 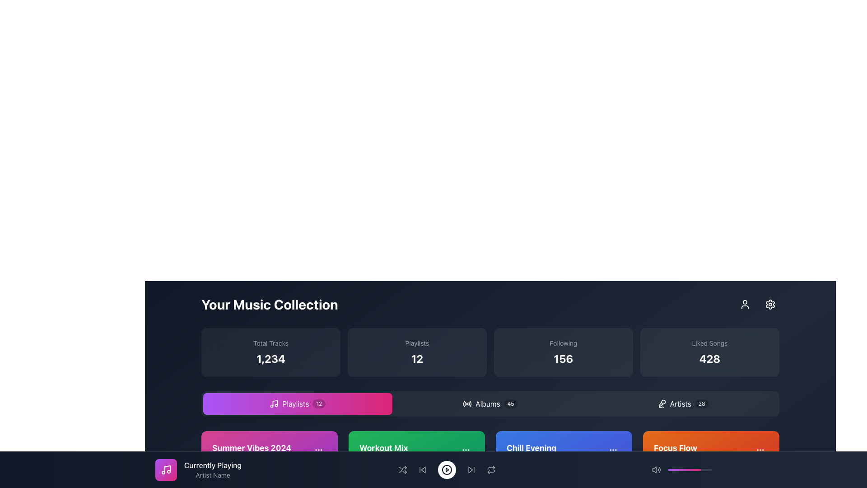 I want to click on the 'Summer Vibes 2024' text display component in the 'Your Music Collection' section under the 'Playlists' tab, which shows details about the playlist including its name and the number of tracks, so click(x=269, y=453).